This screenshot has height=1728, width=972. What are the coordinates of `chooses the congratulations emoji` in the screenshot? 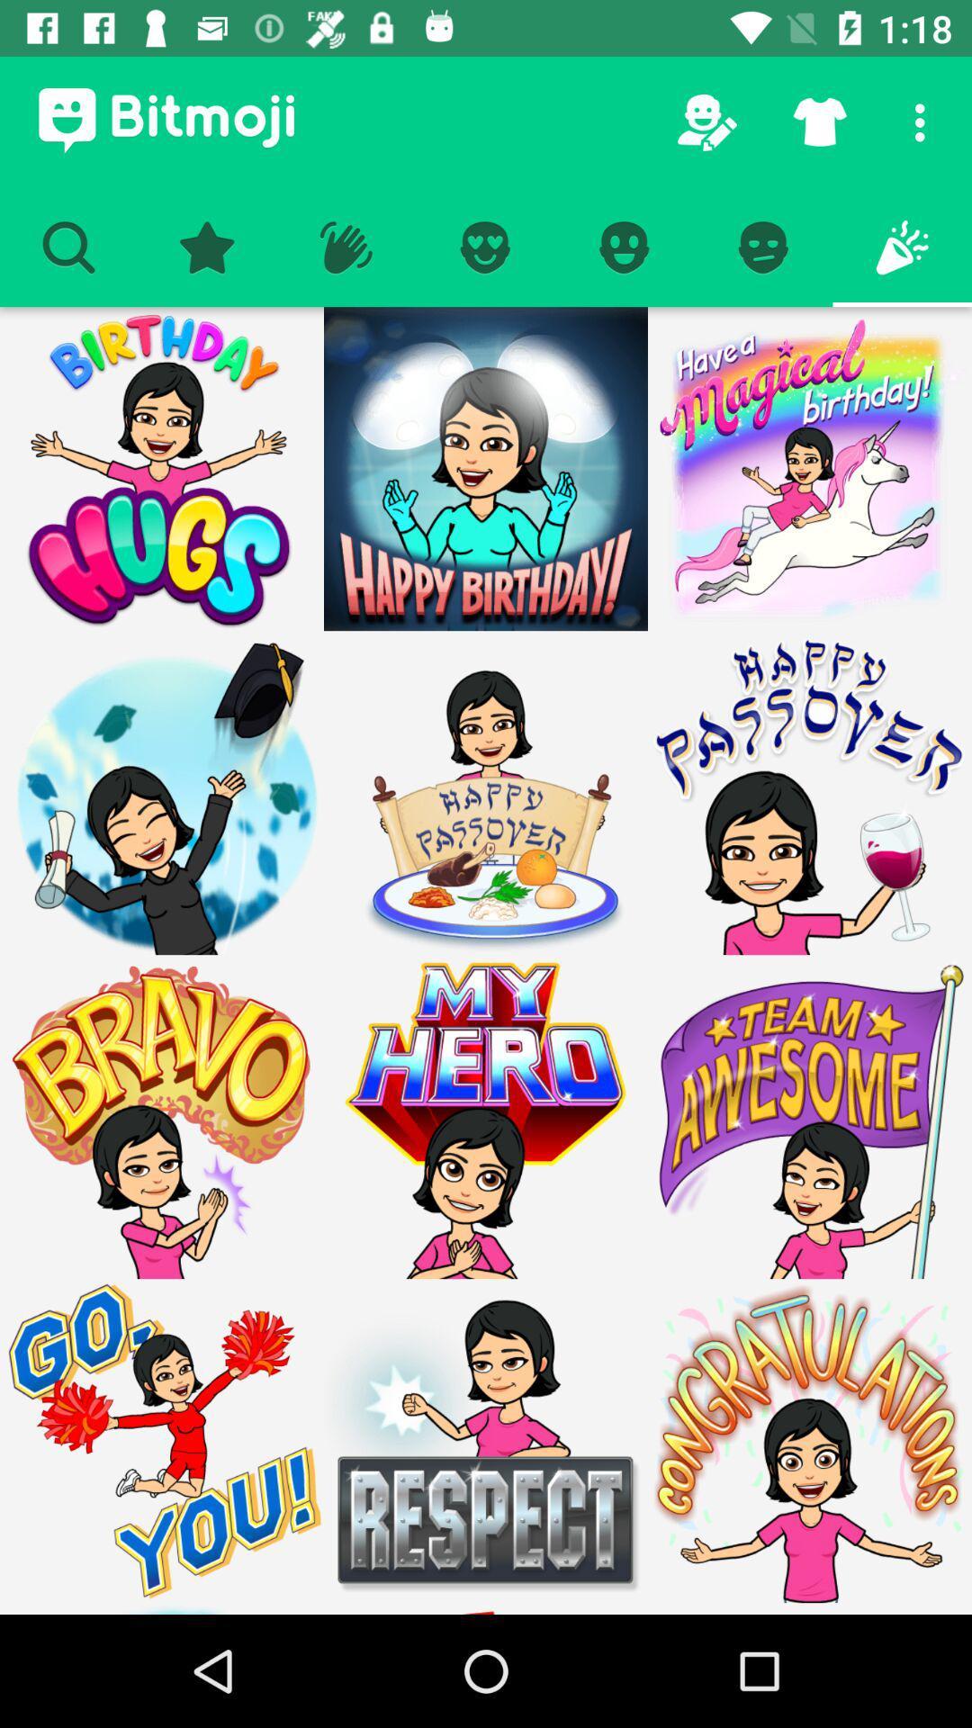 It's located at (808, 1608).